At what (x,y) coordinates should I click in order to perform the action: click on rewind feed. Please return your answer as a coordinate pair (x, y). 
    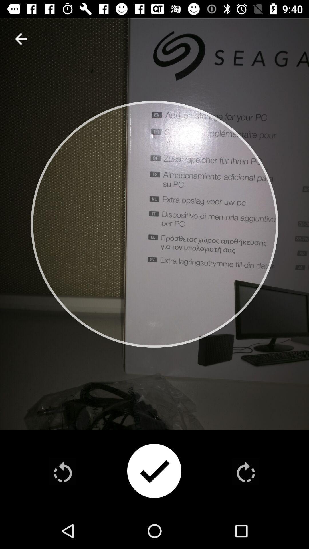
    Looking at the image, I should click on (63, 472).